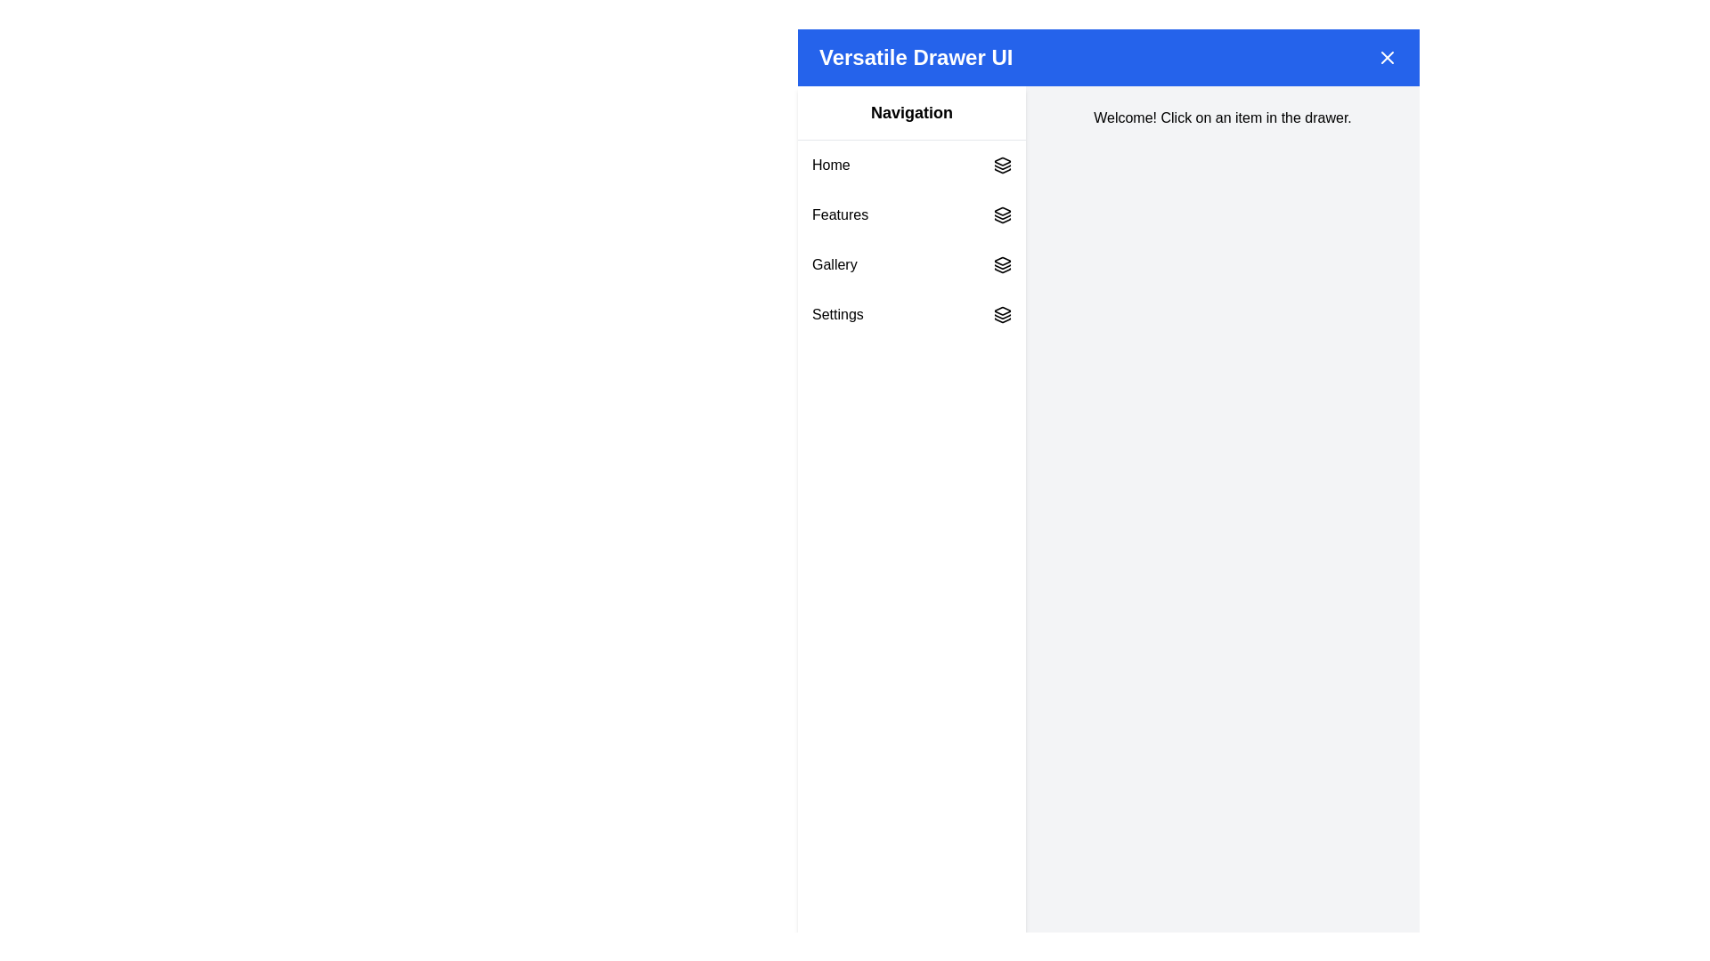 This screenshot has height=961, width=1710. What do you see at coordinates (1003, 310) in the screenshot?
I see `the first triangular subcomponent icon located in the navigation bar next to the 'Settings' label` at bounding box center [1003, 310].